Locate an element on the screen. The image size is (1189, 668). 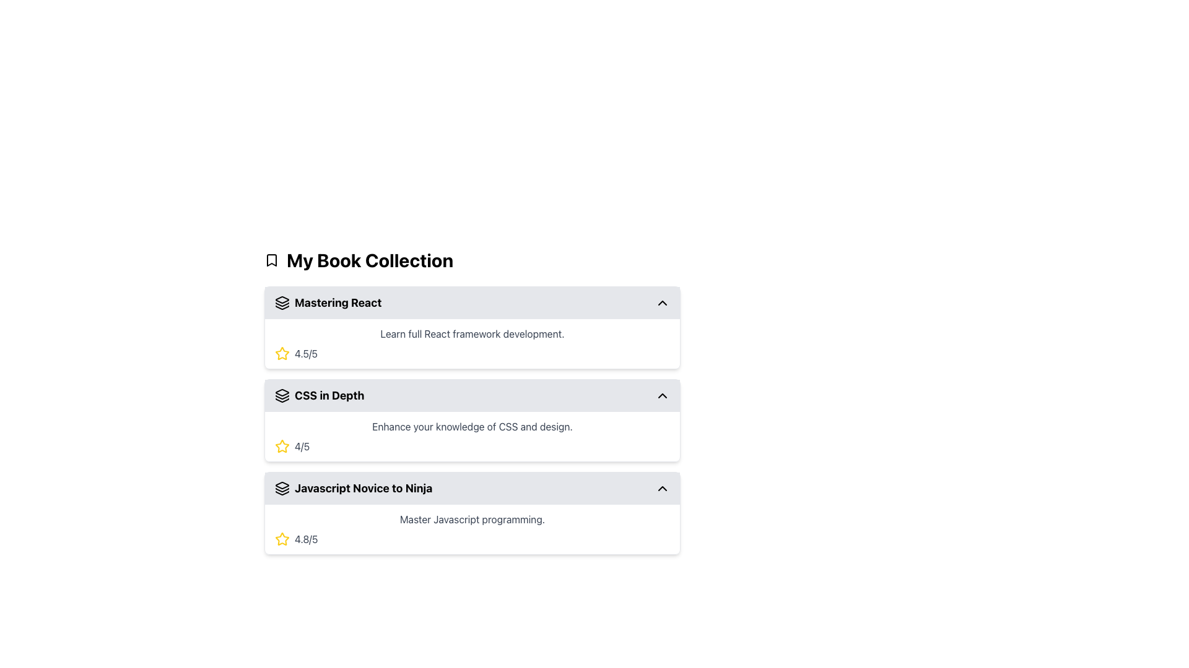
the 'Javascript Novice to Ninja' button is located at coordinates (472, 488).